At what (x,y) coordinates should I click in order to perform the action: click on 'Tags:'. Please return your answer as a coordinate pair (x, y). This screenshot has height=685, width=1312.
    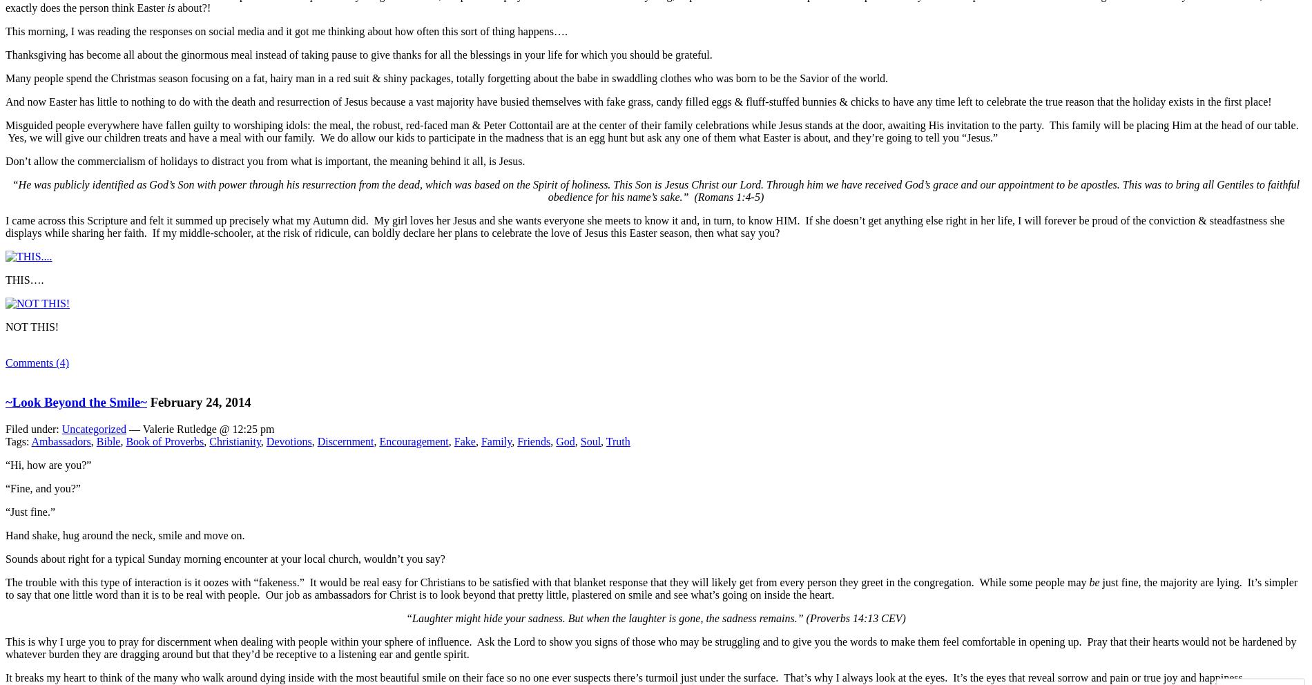
    Looking at the image, I should click on (18, 441).